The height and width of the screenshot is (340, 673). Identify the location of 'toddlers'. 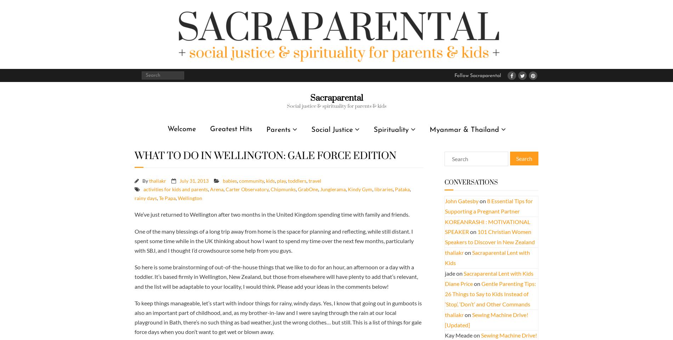
(288, 180).